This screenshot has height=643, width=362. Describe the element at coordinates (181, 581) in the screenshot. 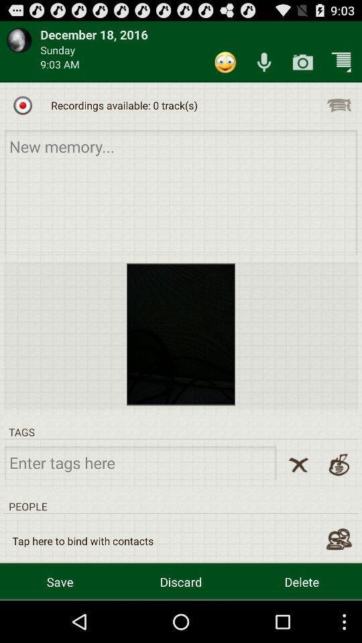

I see `app below tap here to item` at that location.